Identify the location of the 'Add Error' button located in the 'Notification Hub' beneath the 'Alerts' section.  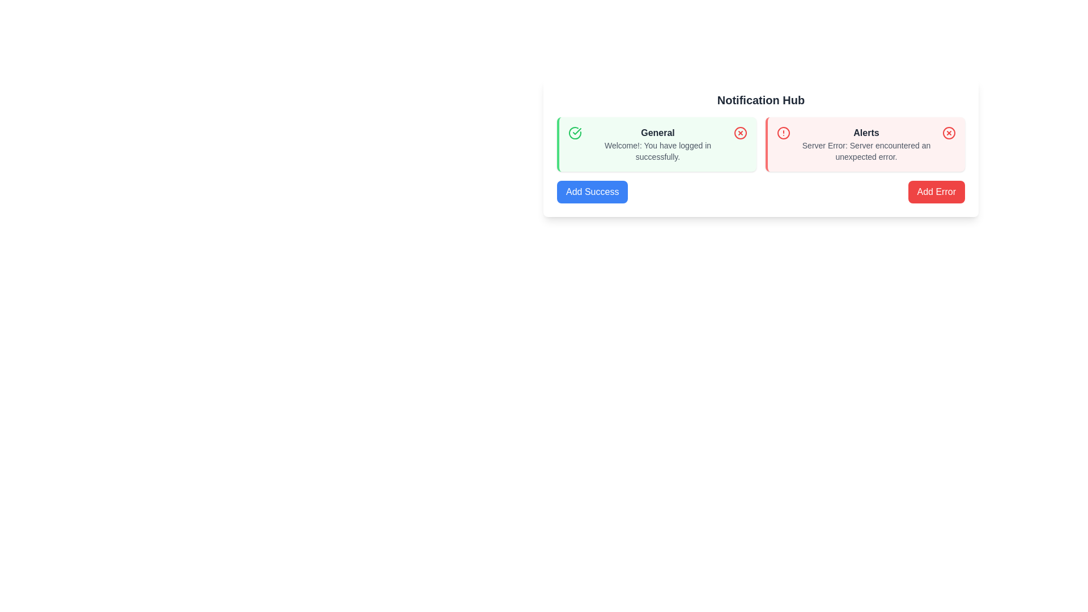
(936, 192).